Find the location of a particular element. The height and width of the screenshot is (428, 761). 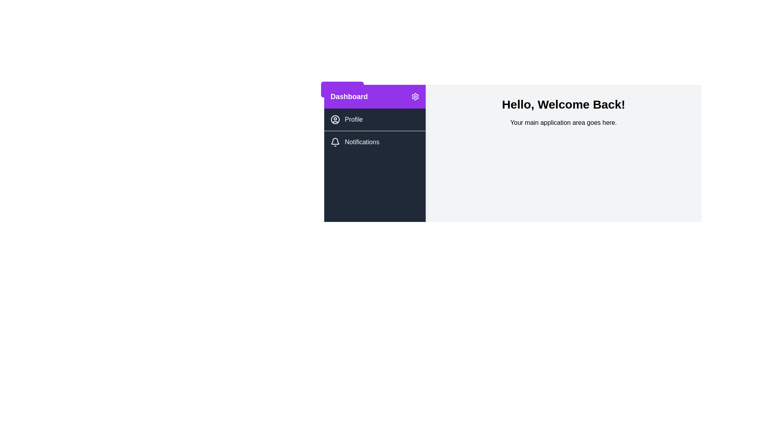

the bell-shaped icon located to the left of the 'Notifications' text in the sidebar under the 'Dashboard' section is located at coordinates (335, 141).